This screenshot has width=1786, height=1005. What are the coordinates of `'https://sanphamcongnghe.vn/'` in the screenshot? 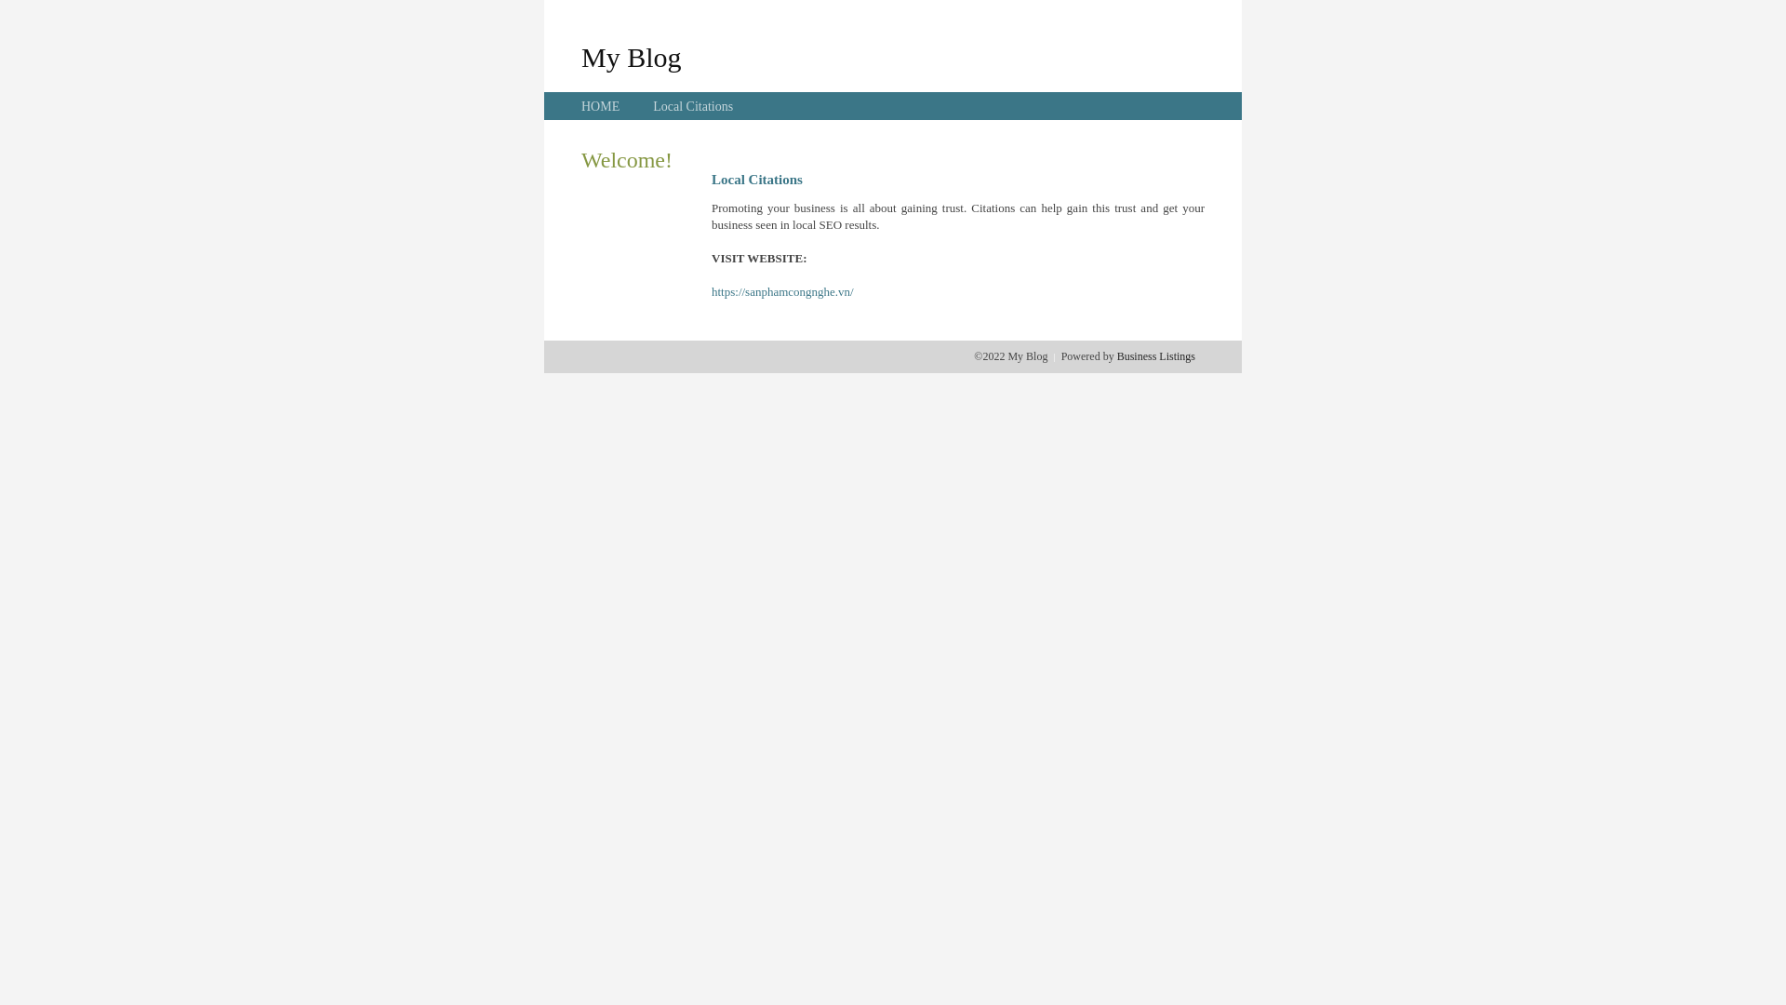 It's located at (710, 291).